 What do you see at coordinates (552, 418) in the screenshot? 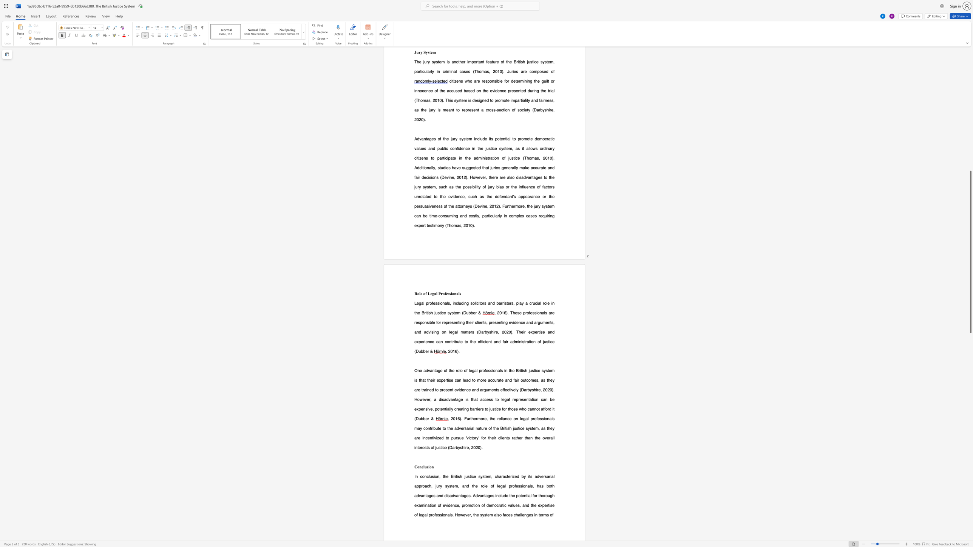
I see `the subset text "s may contrib" within the text ". Furthermore, the reliance on legal professionals may contribute to the adversarial nature of the British justice system, as they are incentivized to pursue"` at bounding box center [552, 418].